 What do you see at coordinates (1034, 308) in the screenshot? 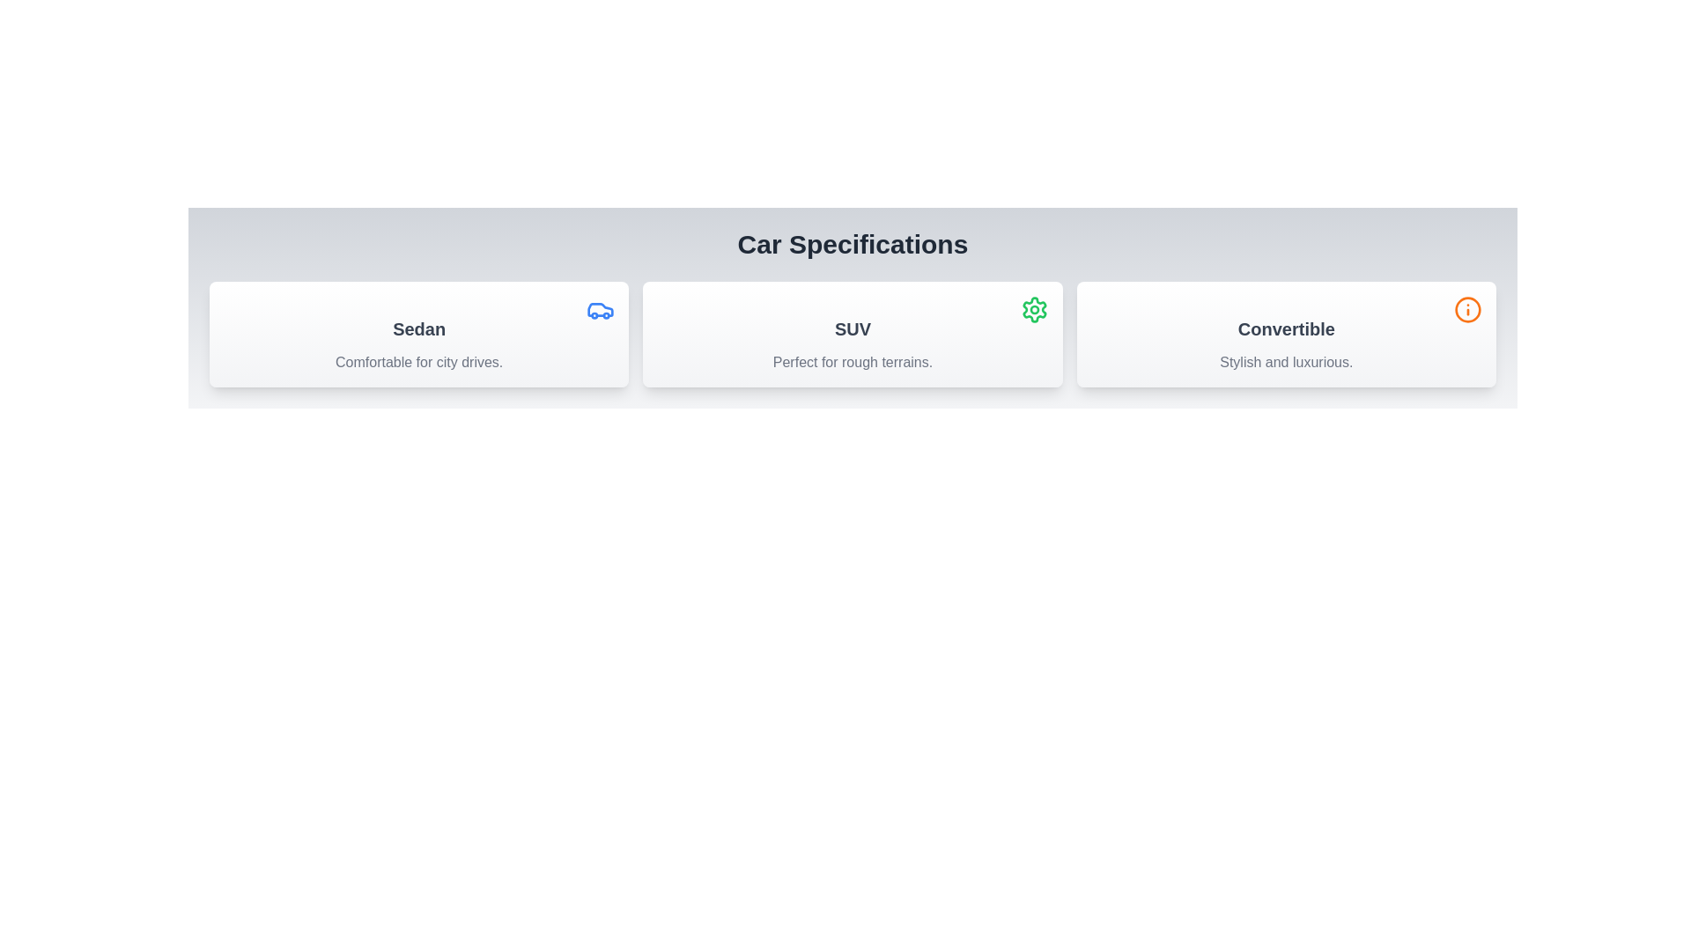
I see `the gear icon located at the top-right corner of the SUV panel in the Car Specifications section` at bounding box center [1034, 308].